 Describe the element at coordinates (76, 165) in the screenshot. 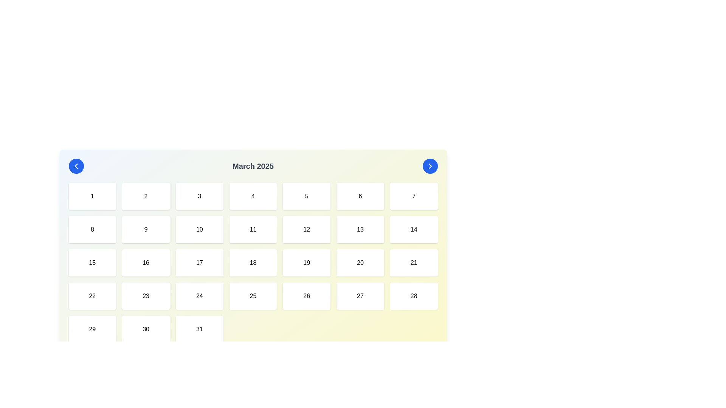

I see `the leftward chevron SVG icon within the light blue circular button located in the top-left corner of the calendar interface` at that location.